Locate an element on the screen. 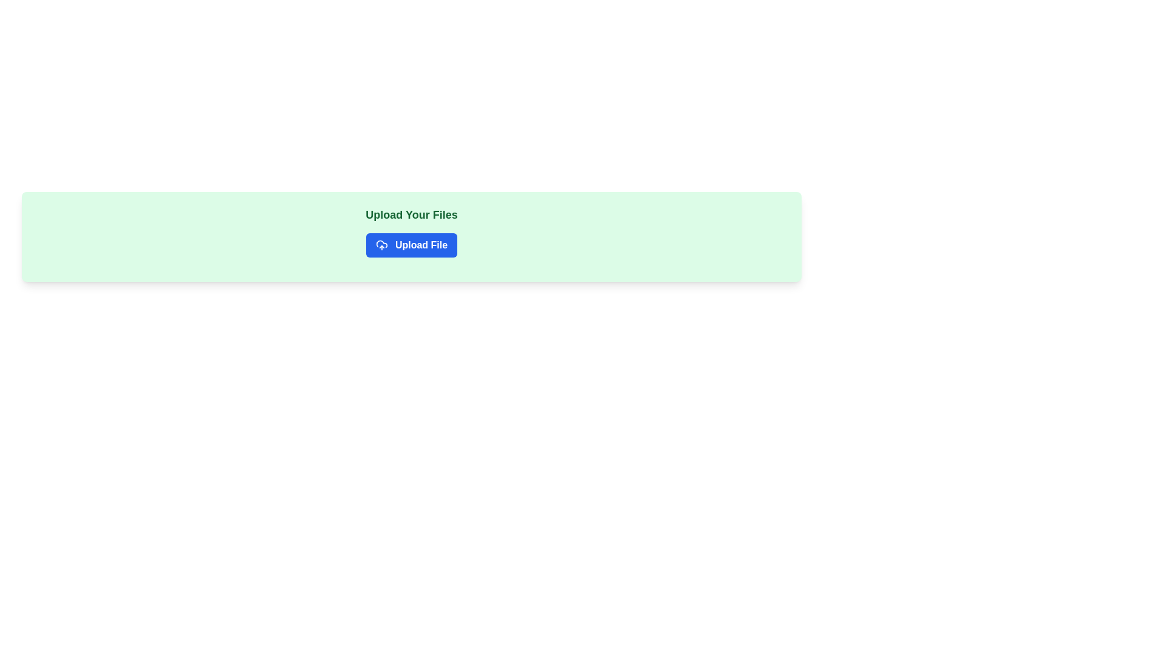  the Text Label that serves as the title for the section dedicated to file uploads, located directly above the blue 'Upload File' button is located at coordinates (411, 214).